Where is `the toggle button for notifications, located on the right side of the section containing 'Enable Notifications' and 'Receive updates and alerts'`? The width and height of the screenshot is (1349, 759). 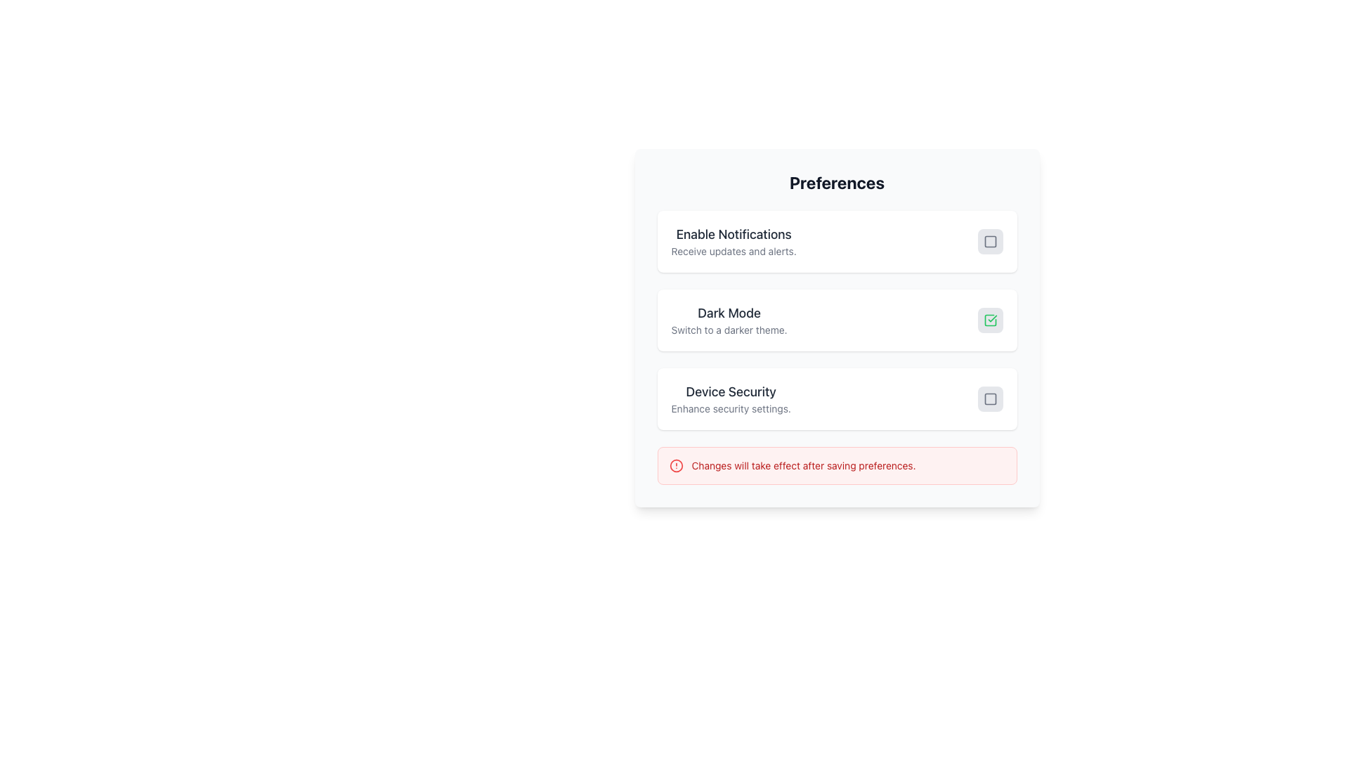
the toggle button for notifications, located on the right side of the section containing 'Enable Notifications' and 'Receive updates and alerts' is located at coordinates (989, 240).